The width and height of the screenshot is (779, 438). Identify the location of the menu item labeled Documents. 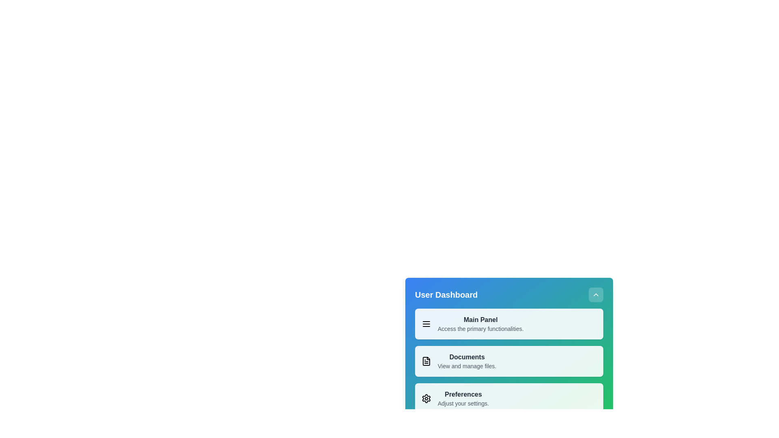
(508, 361).